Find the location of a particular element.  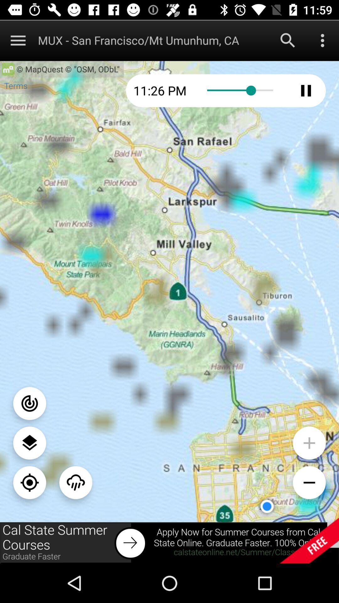

show more options is located at coordinates (18, 40).